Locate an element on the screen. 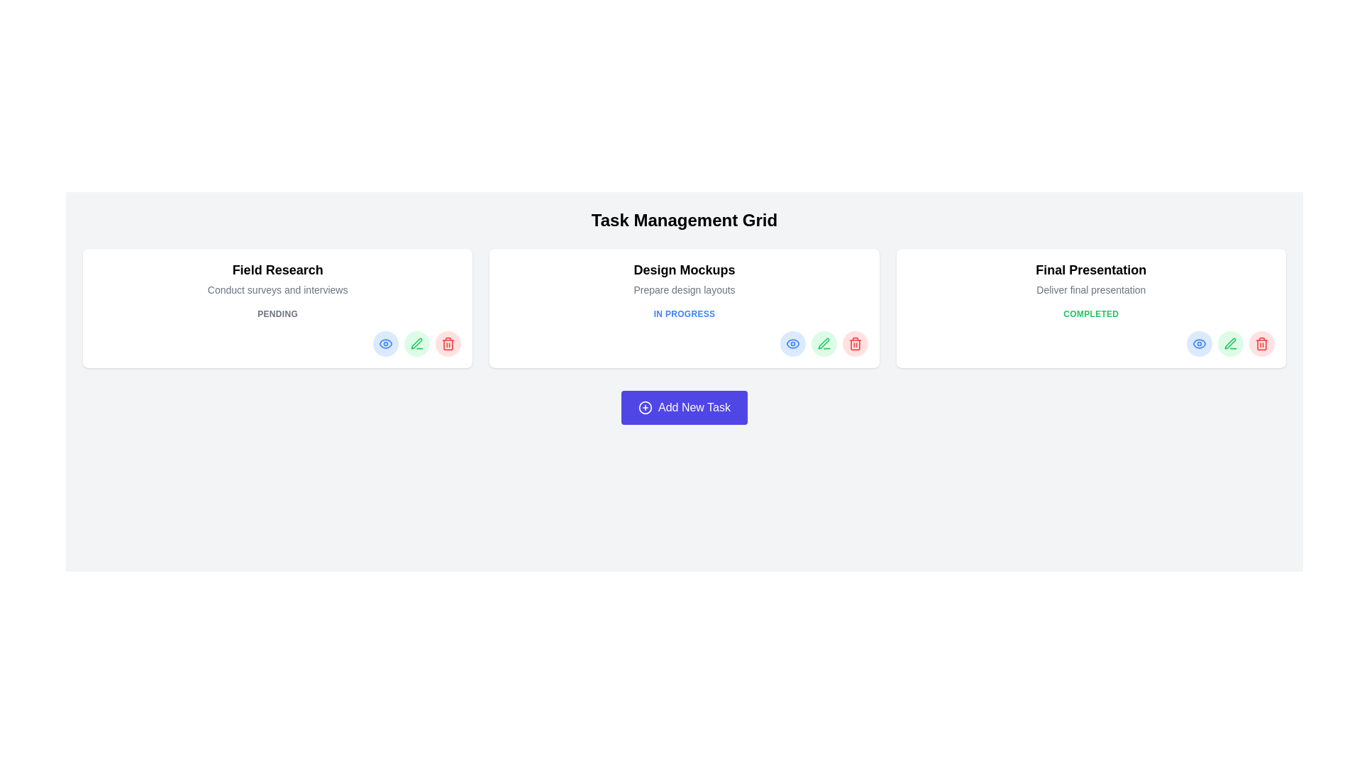 The height and width of the screenshot is (766, 1362). the delete button located at the bottom-right corner of the 'Field Research' card is located at coordinates (448, 344).